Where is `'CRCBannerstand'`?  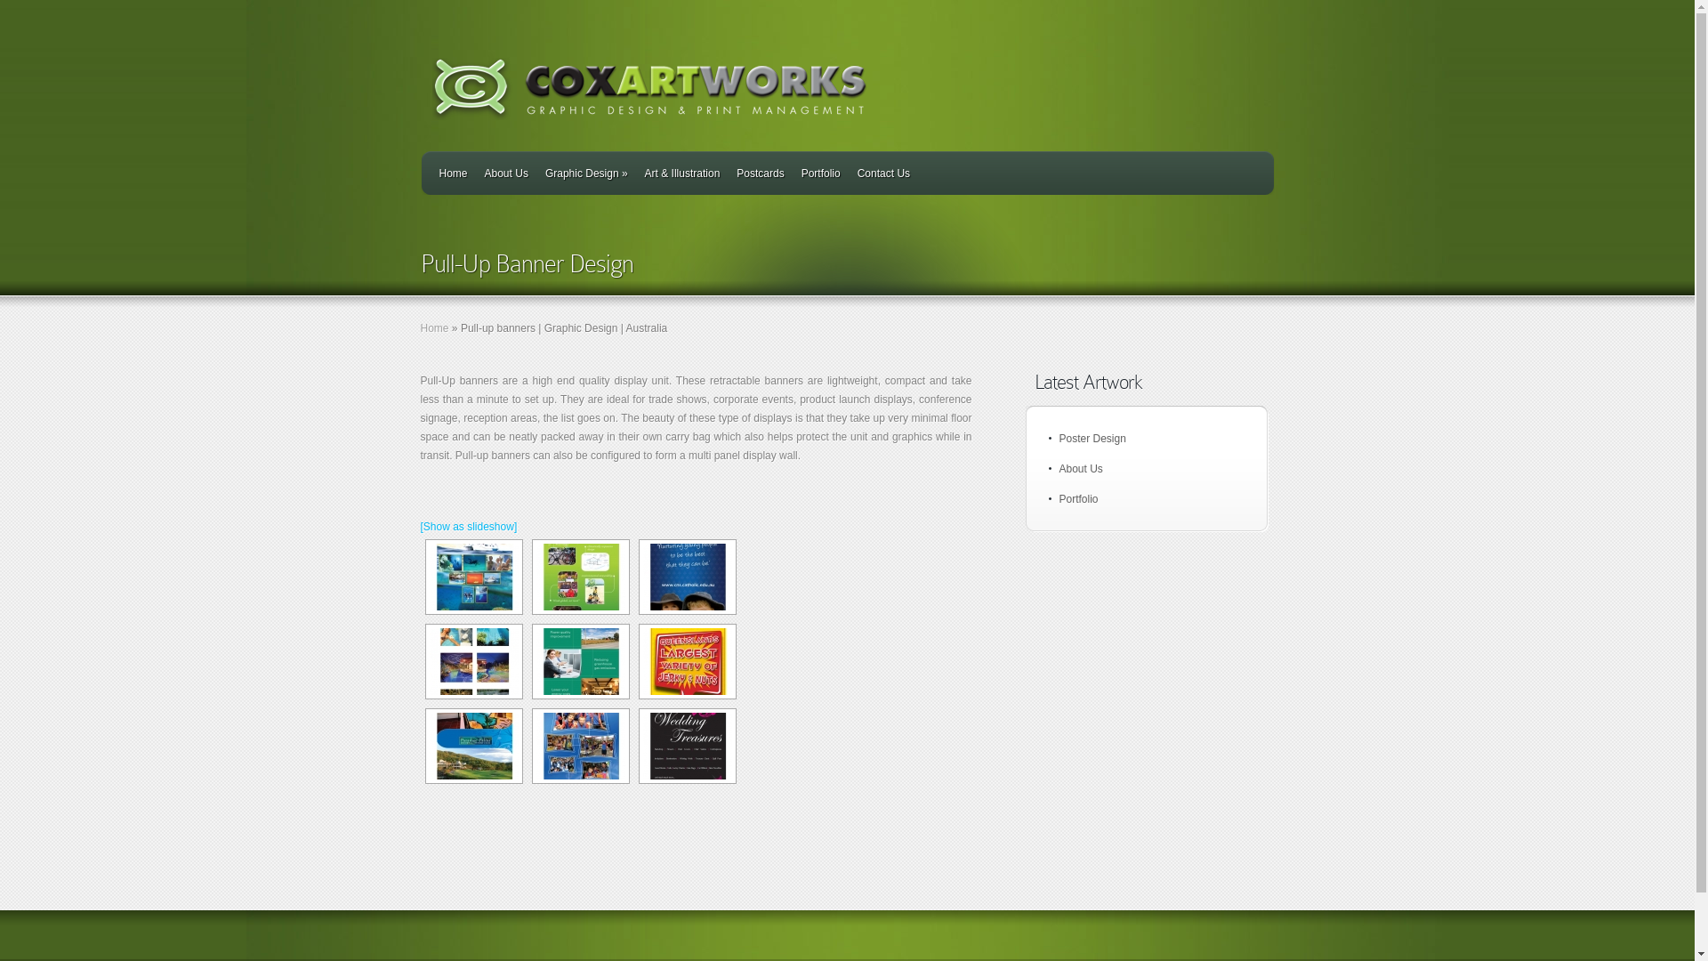
'CRCBannerstand' is located at coordinates (580, 577).